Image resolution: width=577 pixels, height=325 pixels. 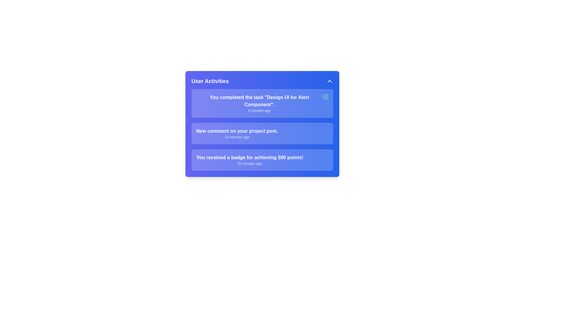 I want to click on the static text label displaying the message 'You received a badge for achieving 500 points!' which is styled with a bold font and white color on a blue background within the User Activities section, so click(x=250, y=157).